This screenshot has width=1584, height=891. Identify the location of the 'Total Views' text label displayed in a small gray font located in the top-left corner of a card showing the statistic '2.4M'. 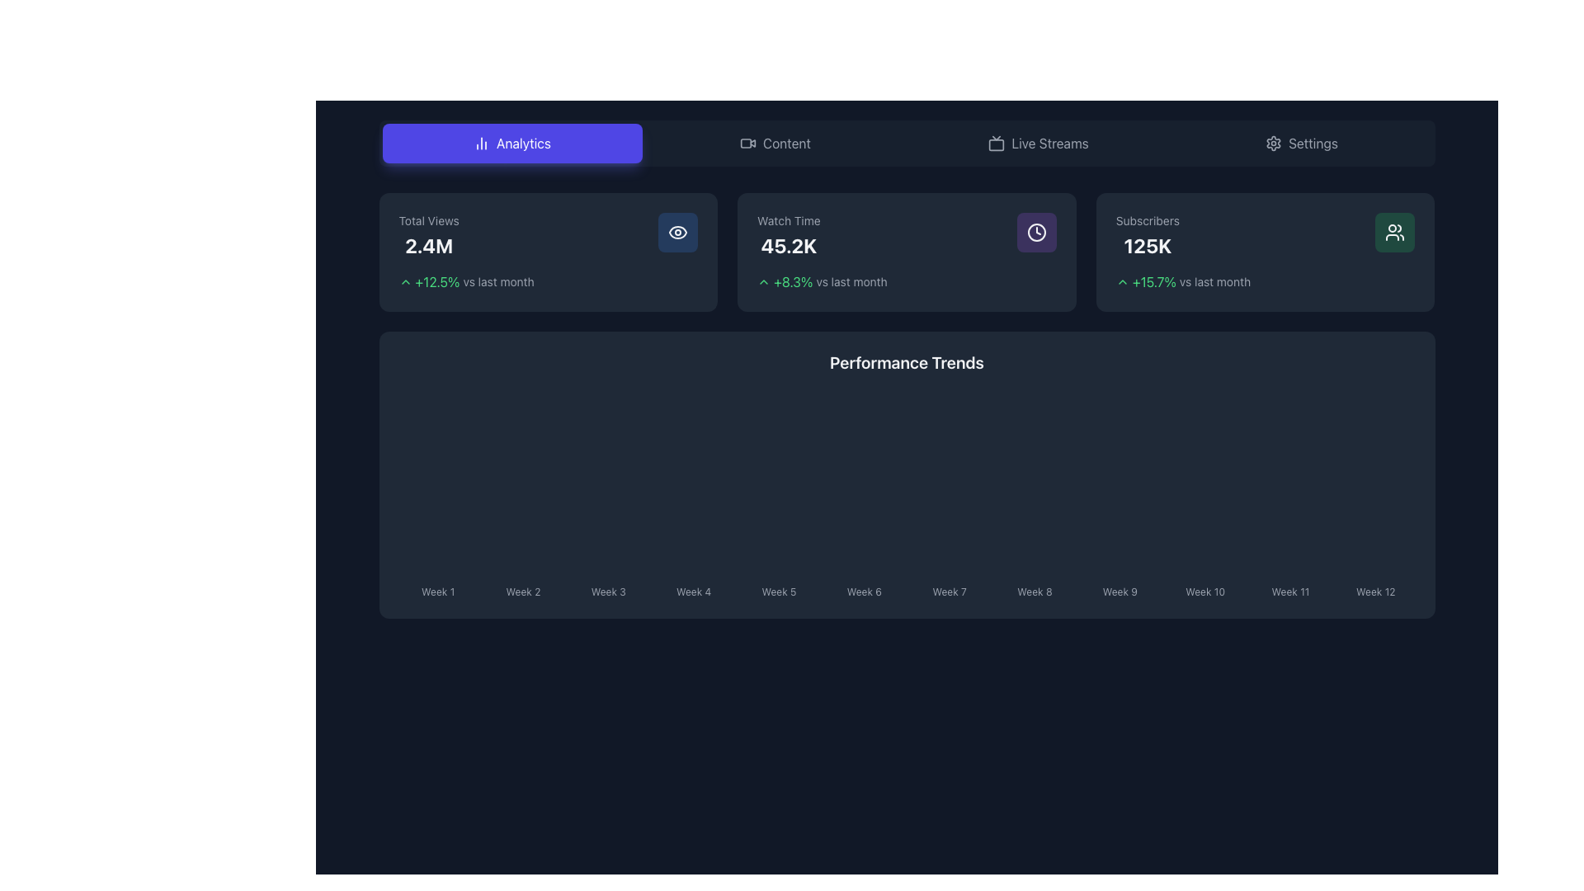
(429, 219).